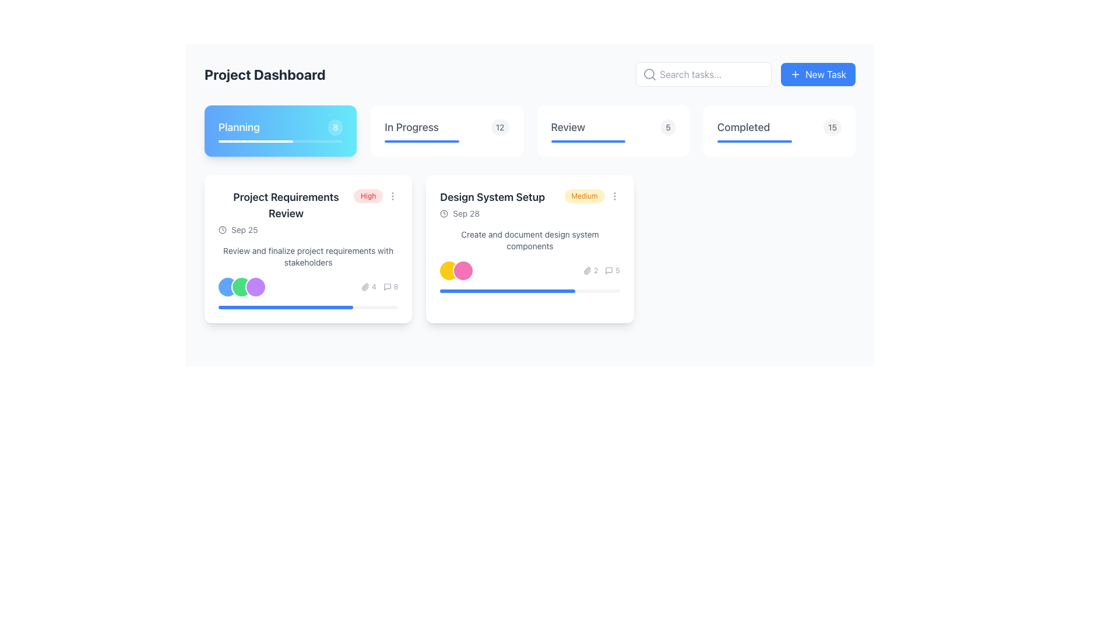  What do you see at coordinates (374, 287) in the screenshot?
I see `text displayed in the small text component showing the number '4', located adjacent to a paperclip icon in the lower-right portion of the 'Project Requirements Review' card` at bounding box center [374, 287].